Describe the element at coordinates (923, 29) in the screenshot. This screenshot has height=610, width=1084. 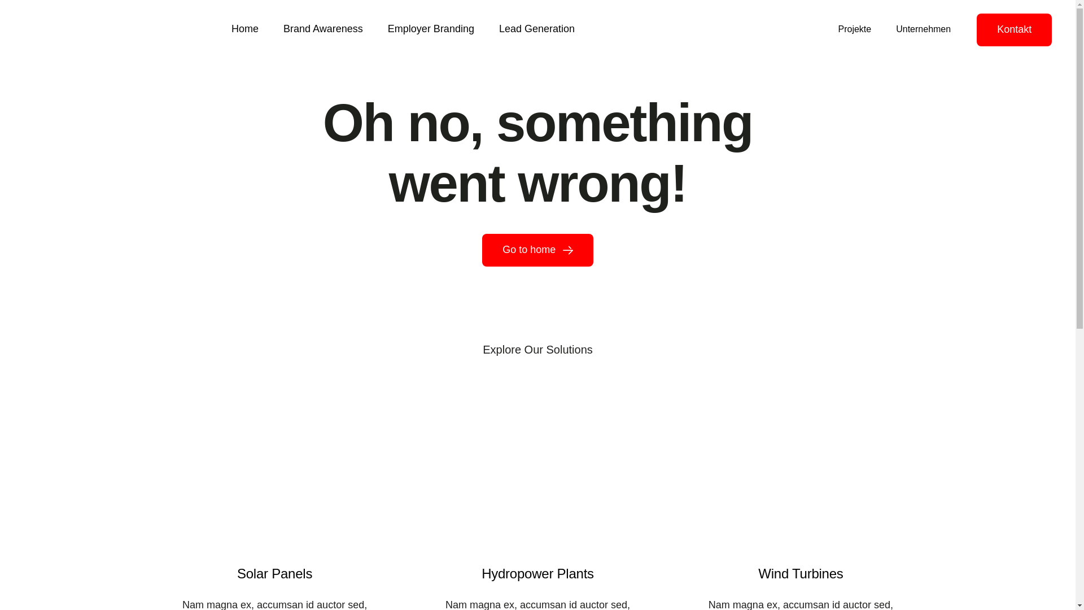
I see `'Unternehmen'` at that location.